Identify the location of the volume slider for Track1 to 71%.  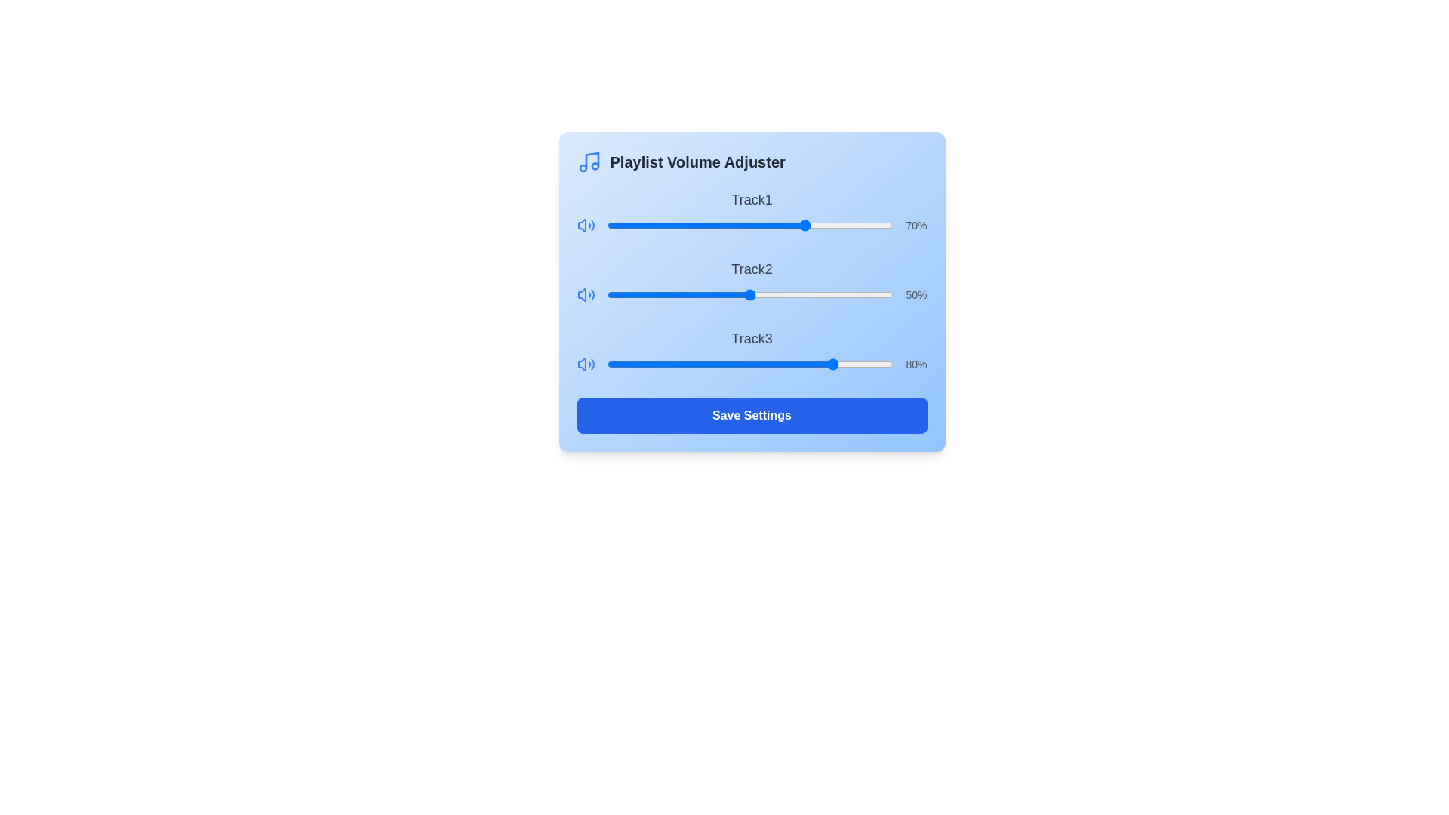
(810, 226).